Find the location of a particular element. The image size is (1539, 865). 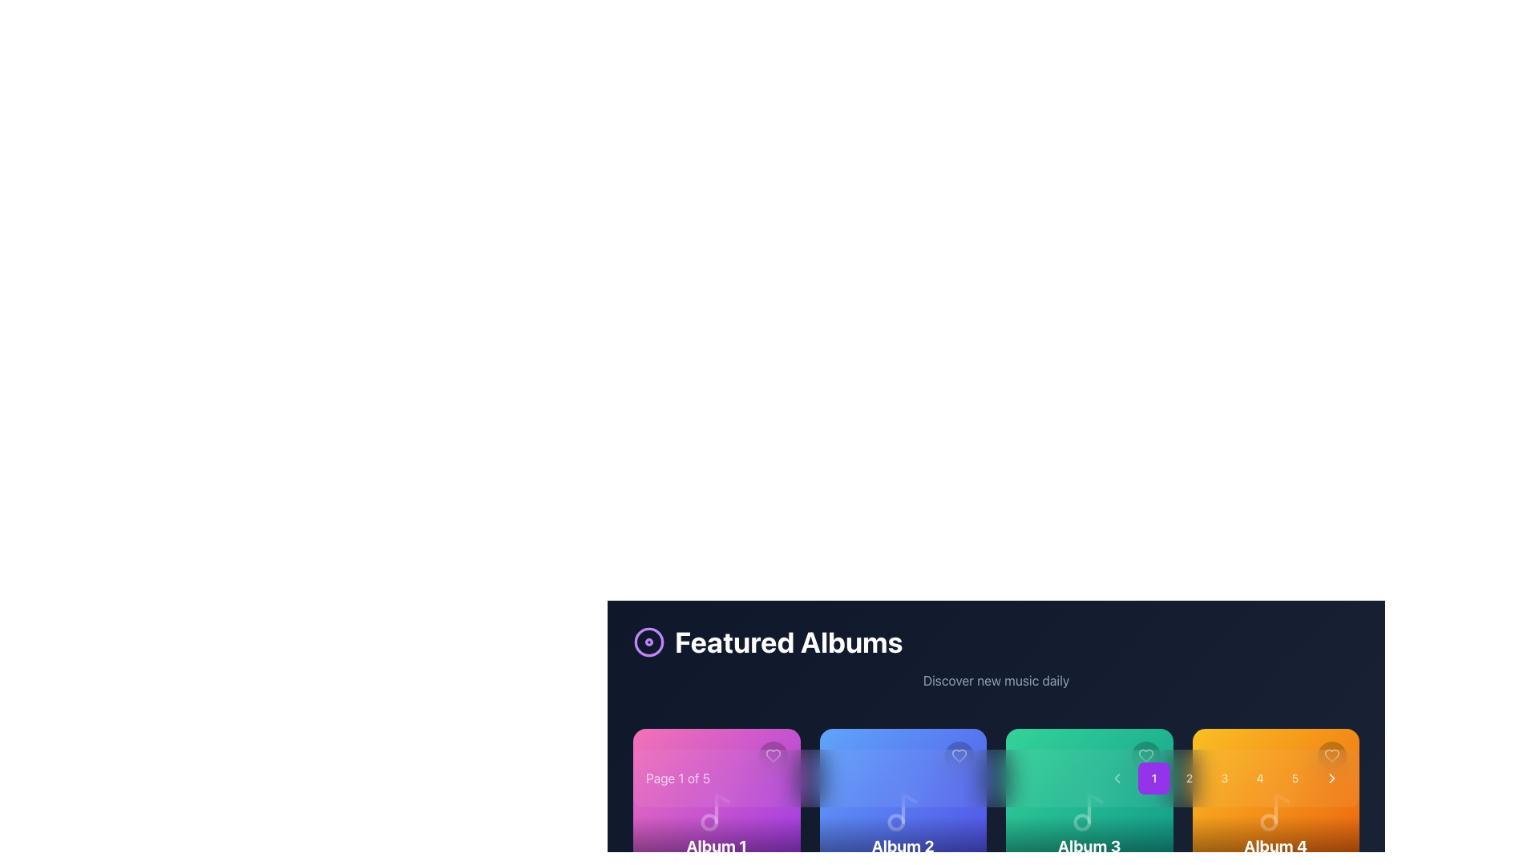

the circular button labeled '3', which is styled with rounded corners and changes background on hover, located in the bottom-central area of the interface is located at coordinates (1223, 778).